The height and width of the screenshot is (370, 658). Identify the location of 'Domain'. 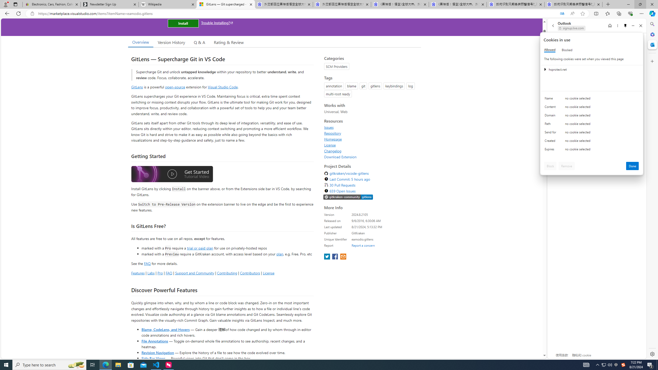
(551, 116).